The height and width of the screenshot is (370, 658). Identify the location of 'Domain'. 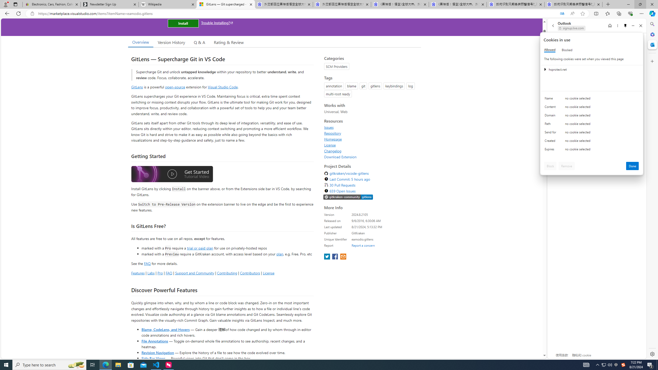
(551, 116).